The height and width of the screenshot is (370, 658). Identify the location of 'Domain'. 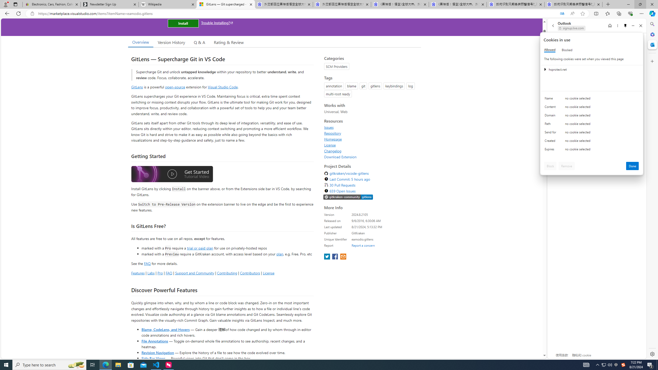
(551, 116).